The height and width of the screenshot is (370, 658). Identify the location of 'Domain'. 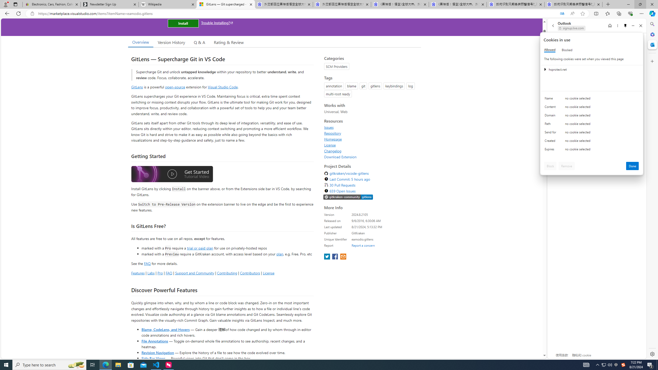
(551, 116).